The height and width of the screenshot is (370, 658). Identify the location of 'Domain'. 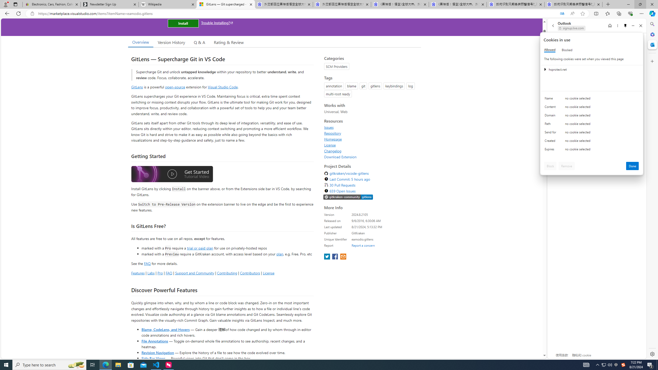
(551, 116).